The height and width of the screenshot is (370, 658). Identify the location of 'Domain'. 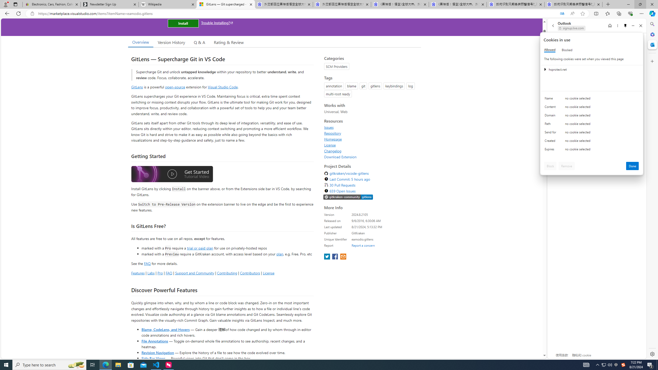
(551, 116).